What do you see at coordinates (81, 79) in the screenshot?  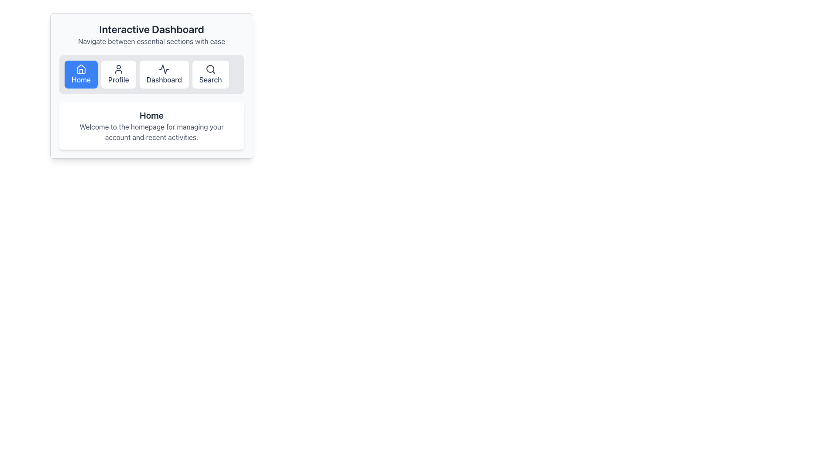 I see `text label that indicates the 'Home' section within the navigation button located at the top-left of the interface, directly below the house icon` at bounding box center [81, 79].